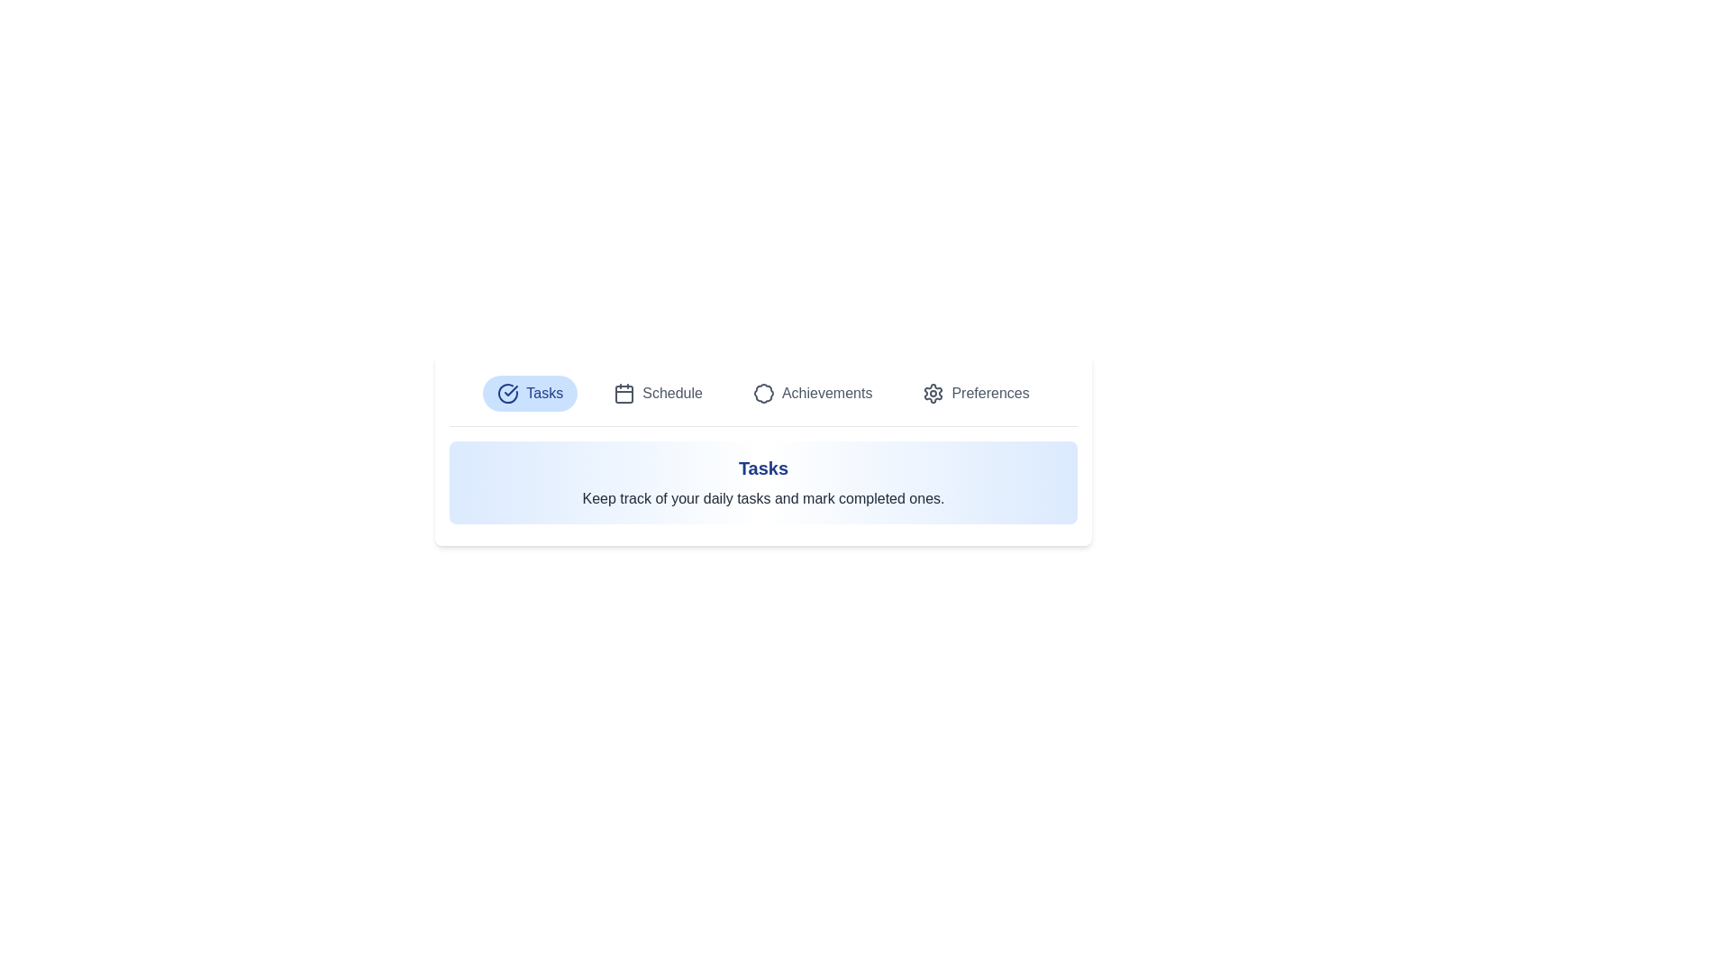  Describe the element at coordinates (933, 392) in the screenshot. I see `the Graphic Icon (Cogwheel) labeled 'Preferences' located in the upper section of the interface within the navigation bar` at that location.